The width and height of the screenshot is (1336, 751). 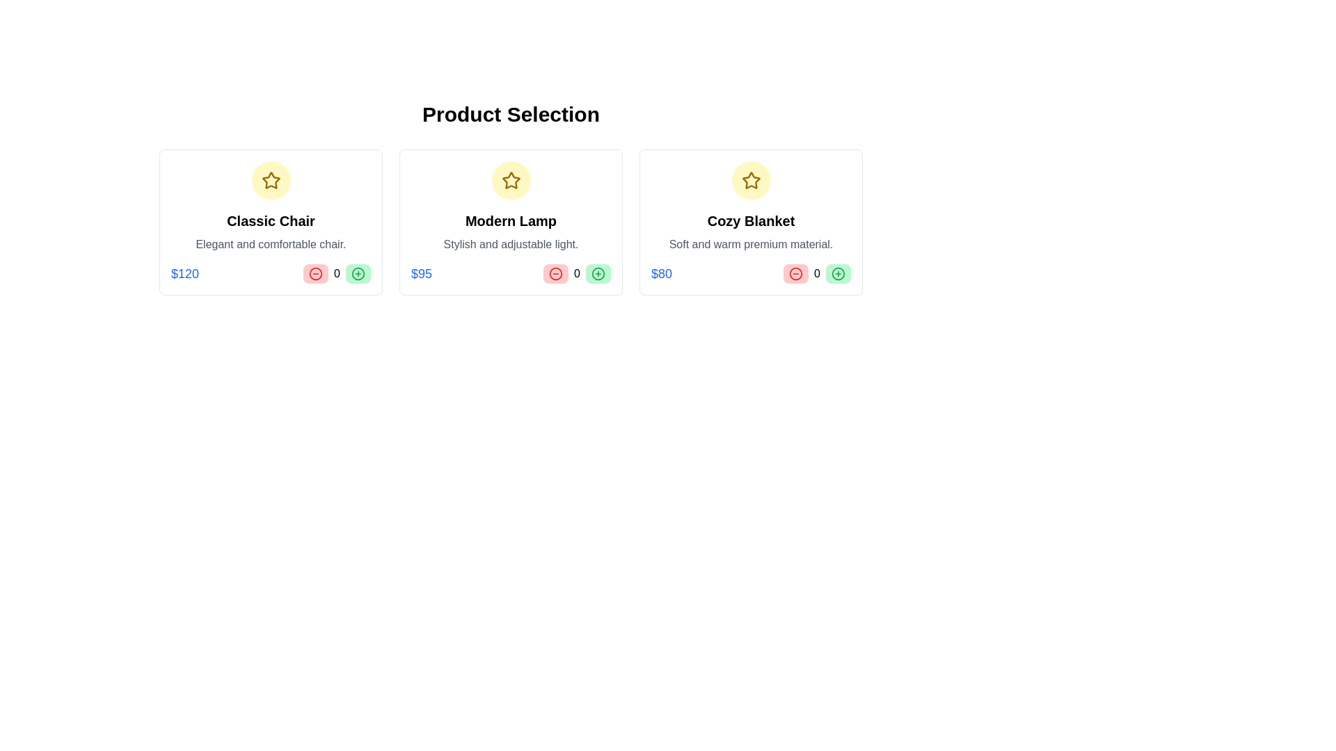 What do you see at coordinates (420, 273) in the screenshot?
I see `the text label displaying '$95' in blue color, which is located within the 'Modern Lamp' product card in the pricing section` at bounding box center [420, 273].